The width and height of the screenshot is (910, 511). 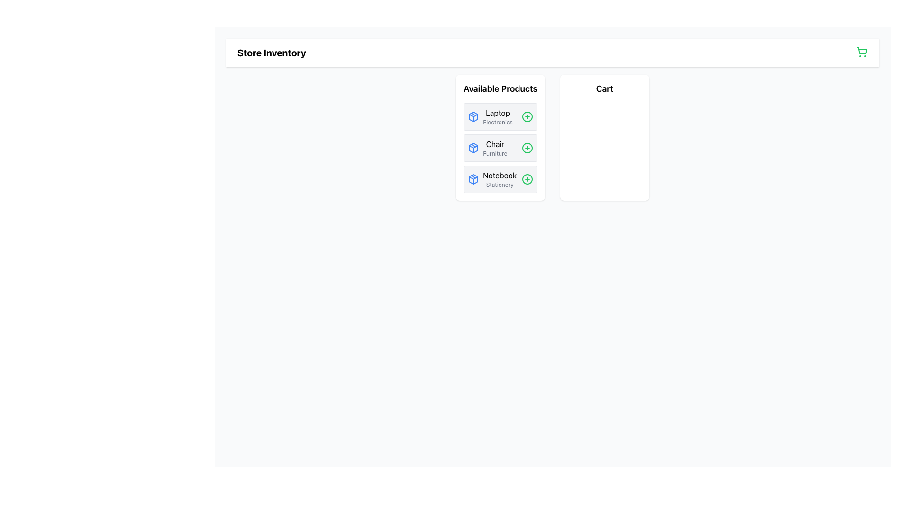 I want to click on the 'Notebook' label, which categorizes a product under 'Stationery', so click(x=499, y=179).